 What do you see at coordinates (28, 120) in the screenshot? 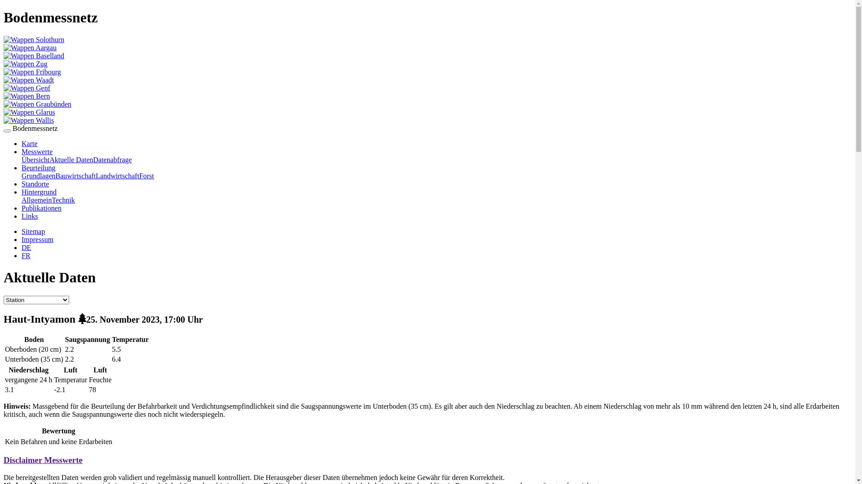
I see `'Kanton Wallis'` at bounding box center [28, 120].